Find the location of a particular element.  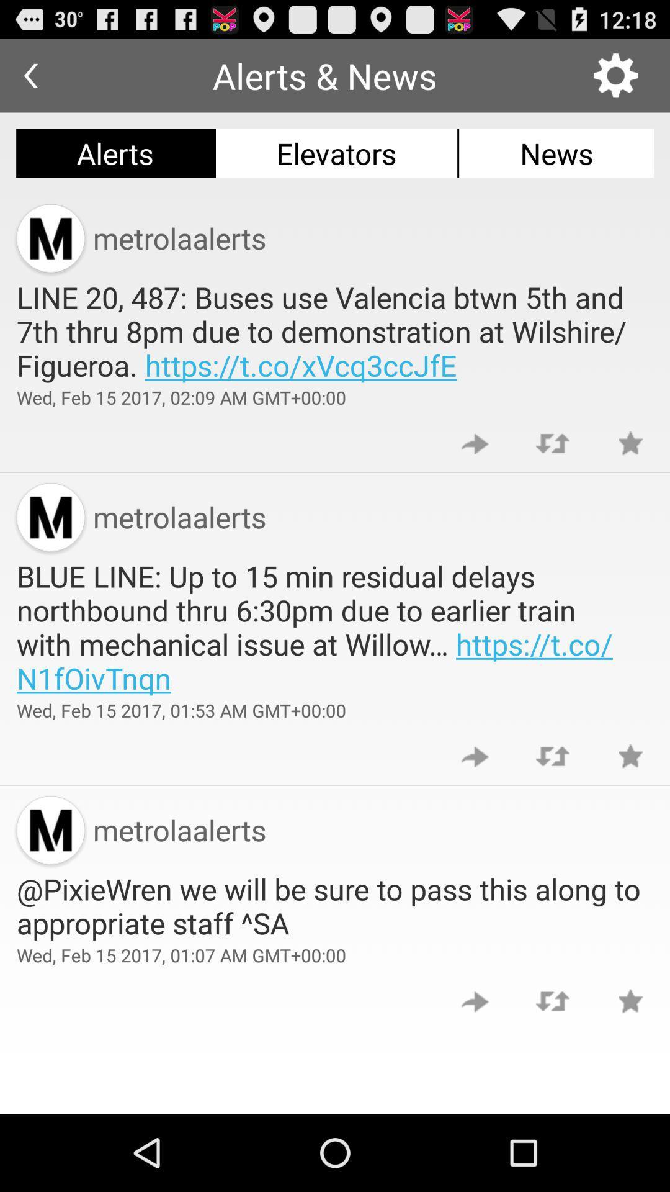

the arrow_backward icon is located at coordinates (30, 80).